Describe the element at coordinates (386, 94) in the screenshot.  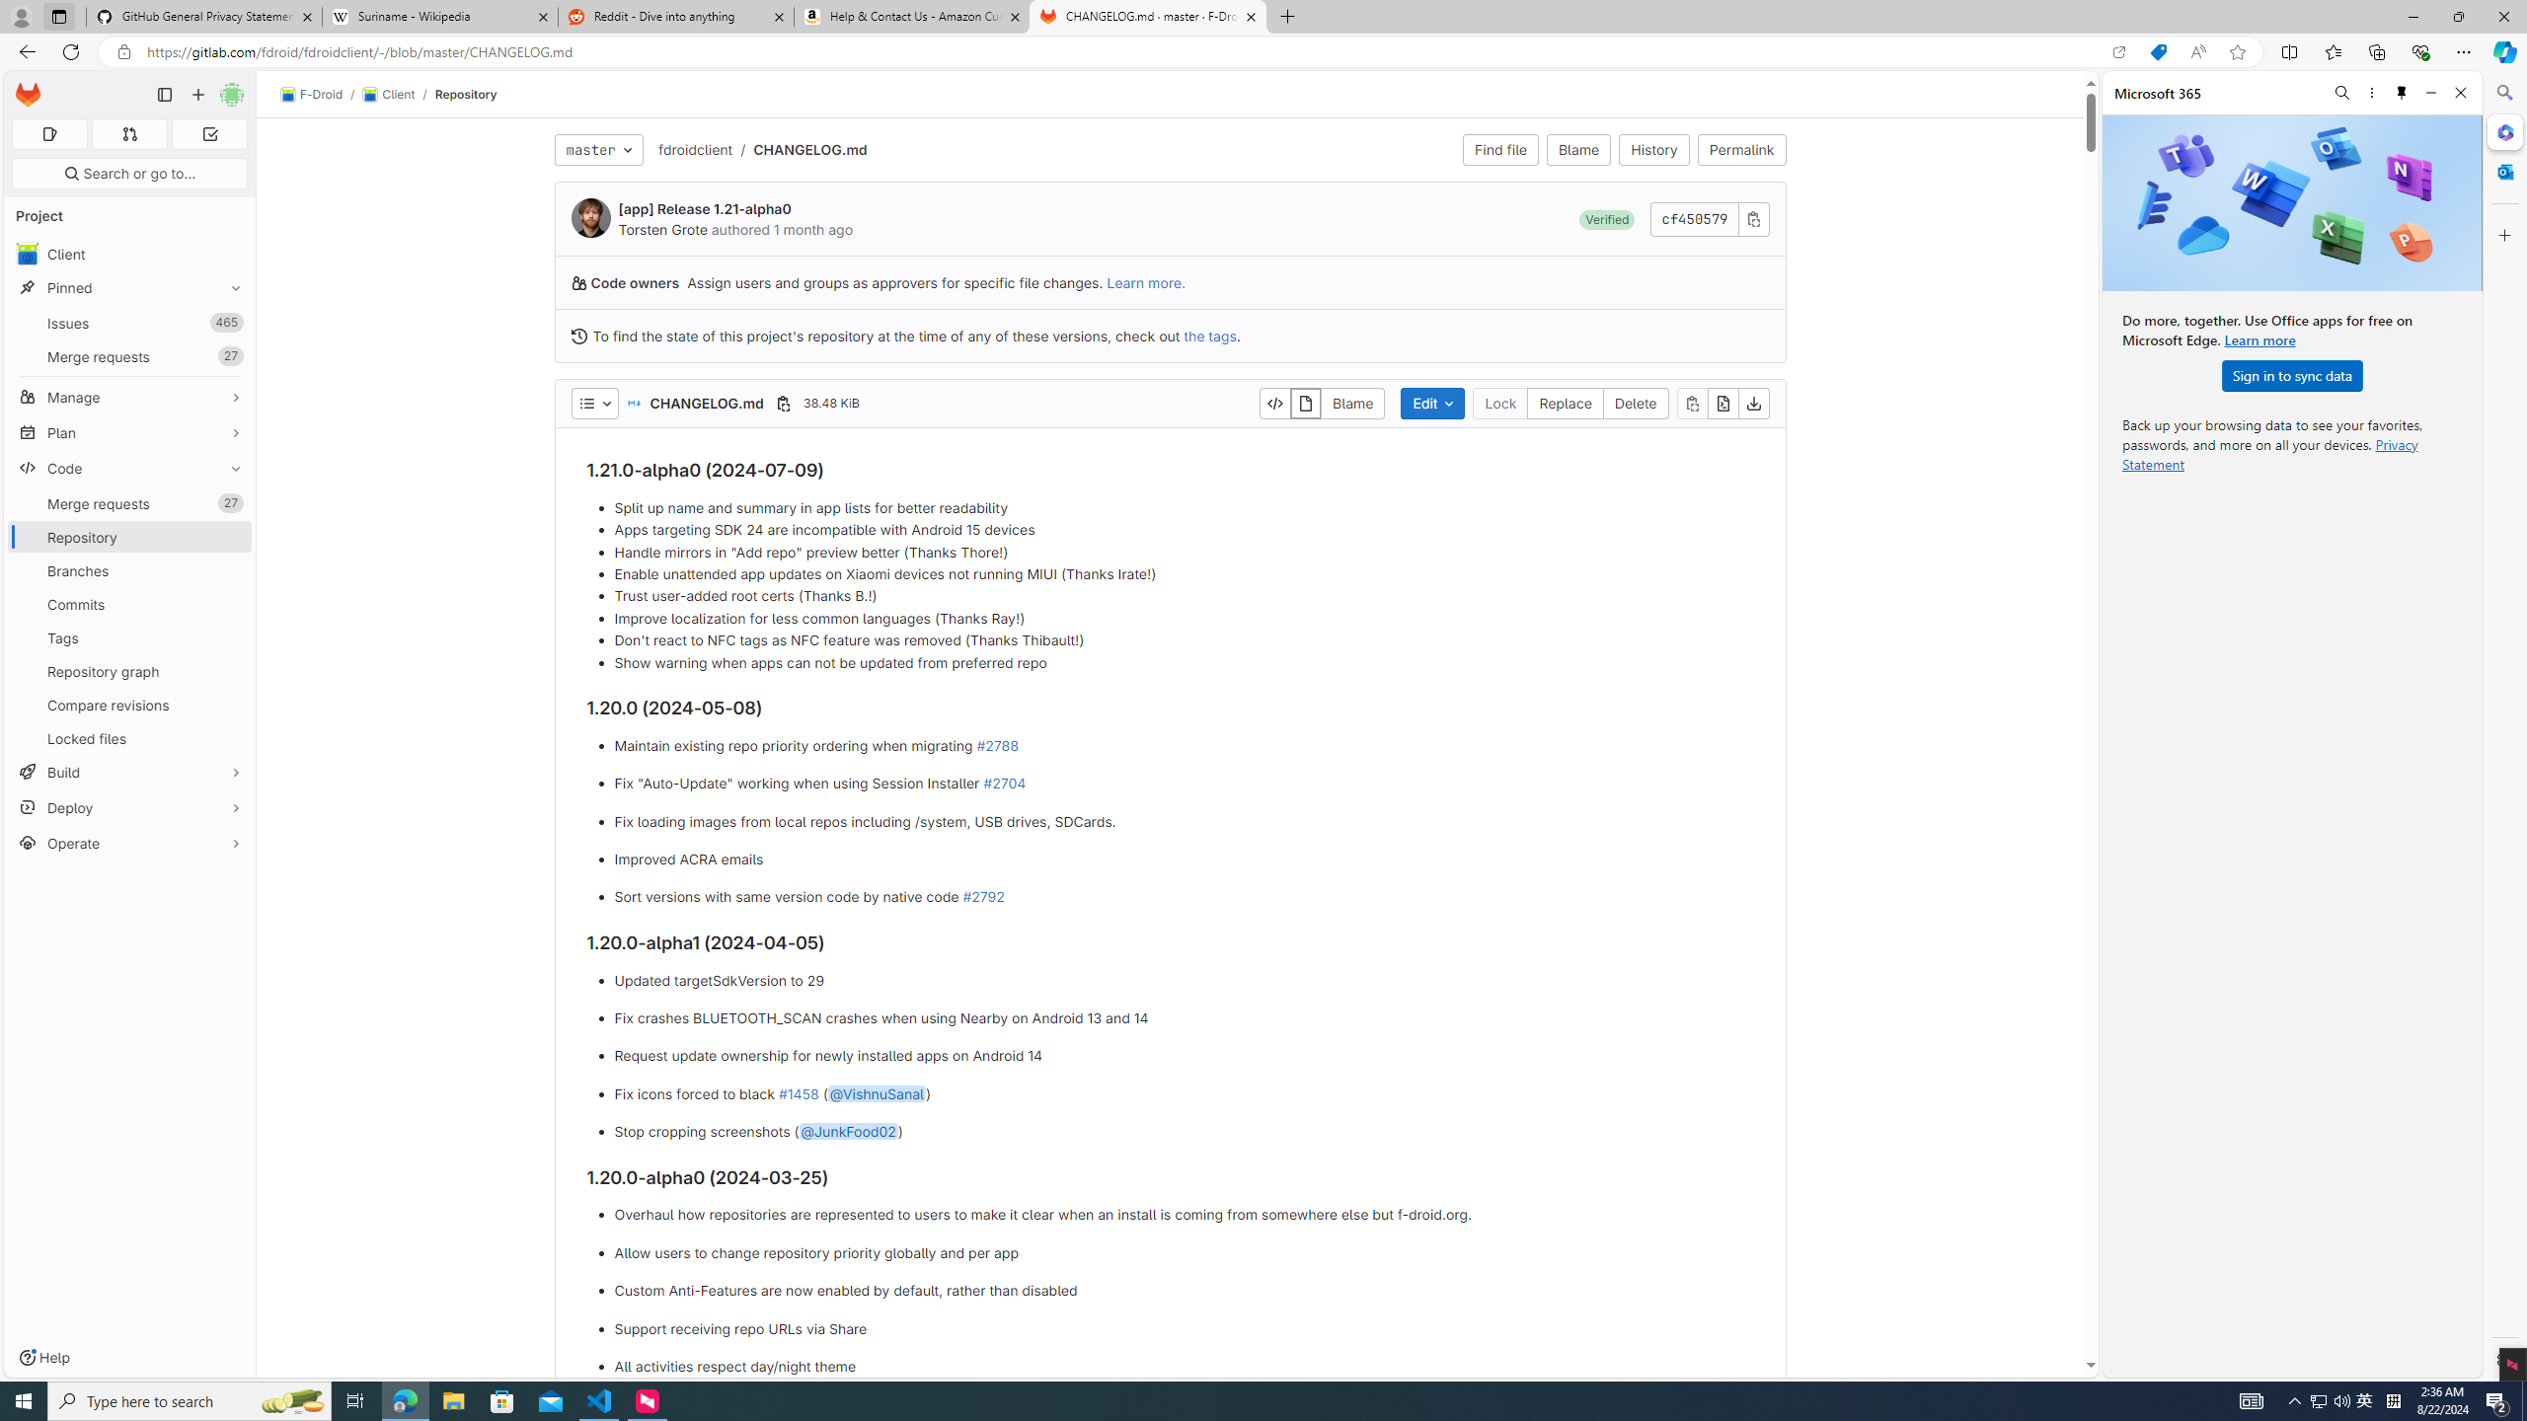
I see `'Client'` at that location.